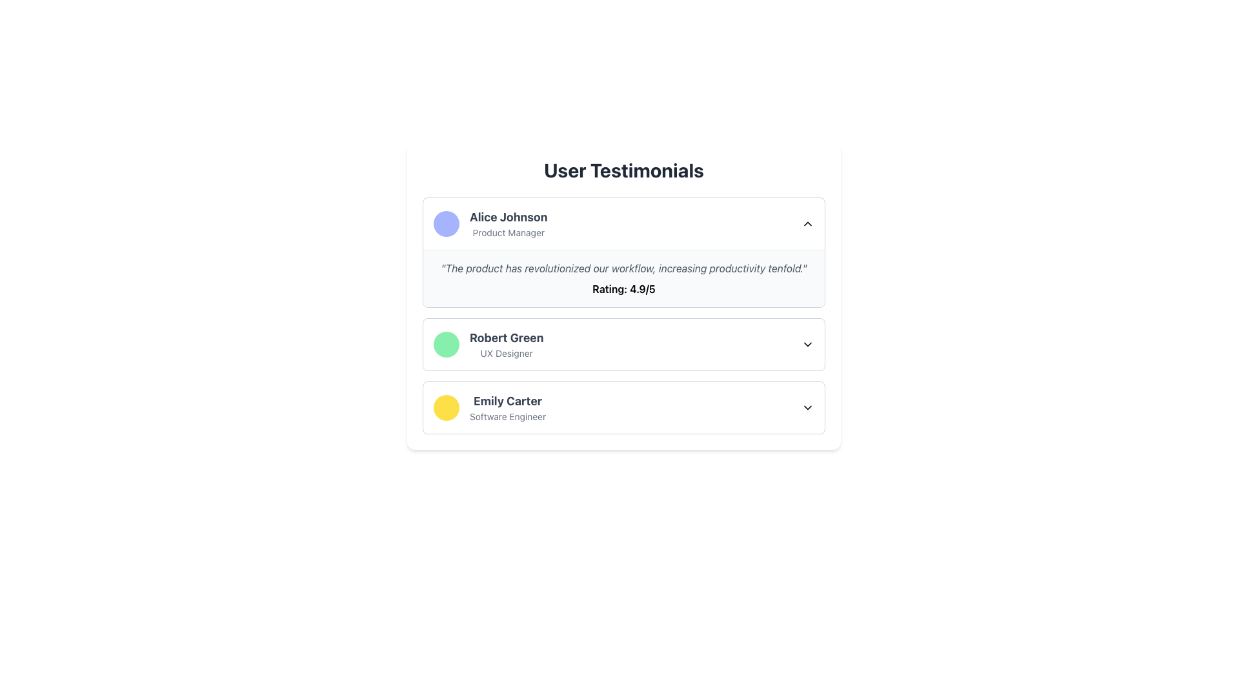 The image size is (1239, 697). Describe the element at coordinates (807, 223) in the screenshot. I see `the Dropdown toggle (Chevron icon) located at the far-right end of the 'Alice Johnson - Product Manager' section` at that location.